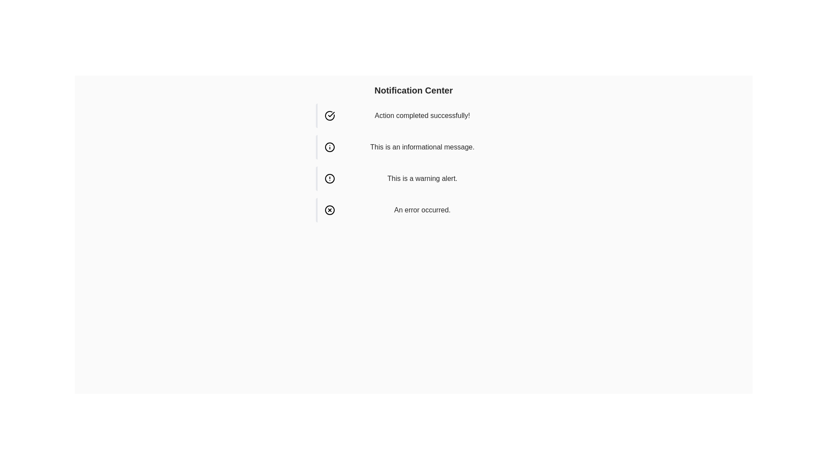 This screenshot has width=840, height=472. Describe the element at coordinates (422, 210) in the screenshot. I see `the text label displaying 'An error occurred.' within the alert box in the Notification Center, which is positioned about three-fourths down the page` at that location.